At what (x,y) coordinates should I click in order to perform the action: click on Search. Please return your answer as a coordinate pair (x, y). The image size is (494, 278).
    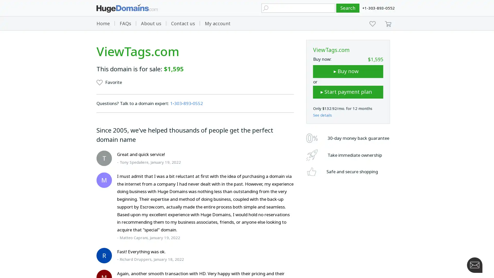
    Looking at the image, I should click on (348, 8).